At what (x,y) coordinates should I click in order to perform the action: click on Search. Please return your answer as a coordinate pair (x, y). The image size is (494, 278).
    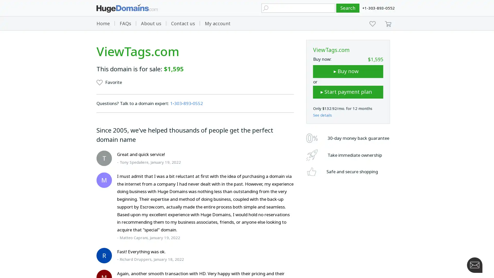
    Looking at the image, I should click on (348, 8).